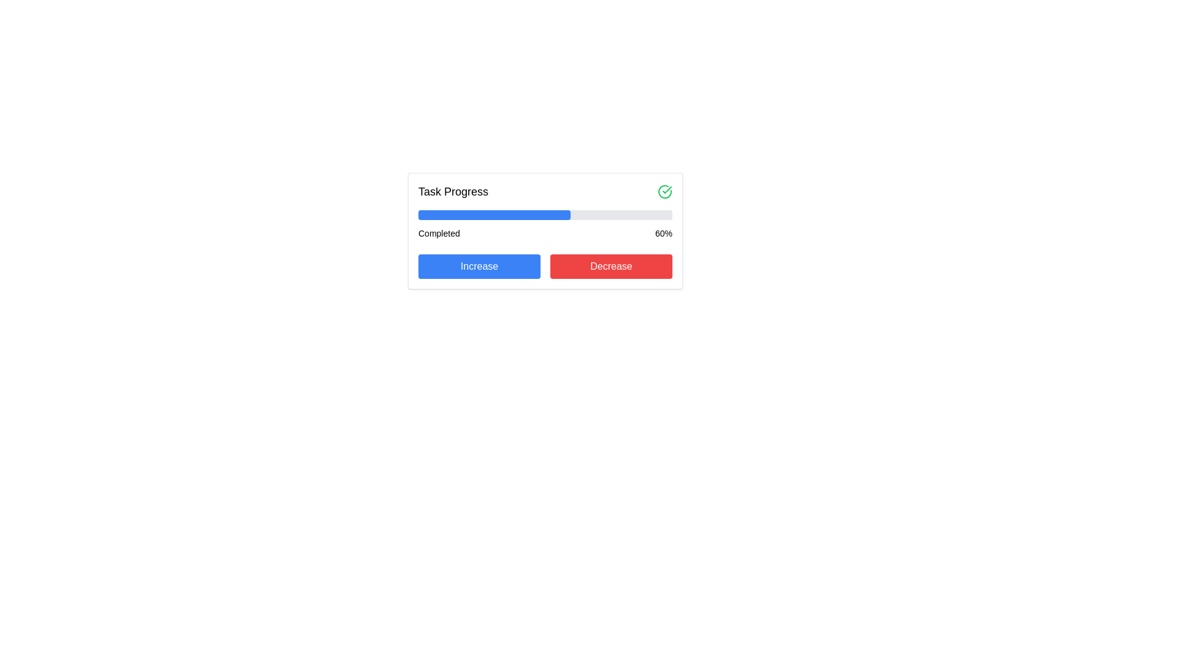 The height and width of the screenshot is (662, 1178). I want to click on the text label displaying 'Completed', which is aligned to the left below the progress bar, so click(439, 234).